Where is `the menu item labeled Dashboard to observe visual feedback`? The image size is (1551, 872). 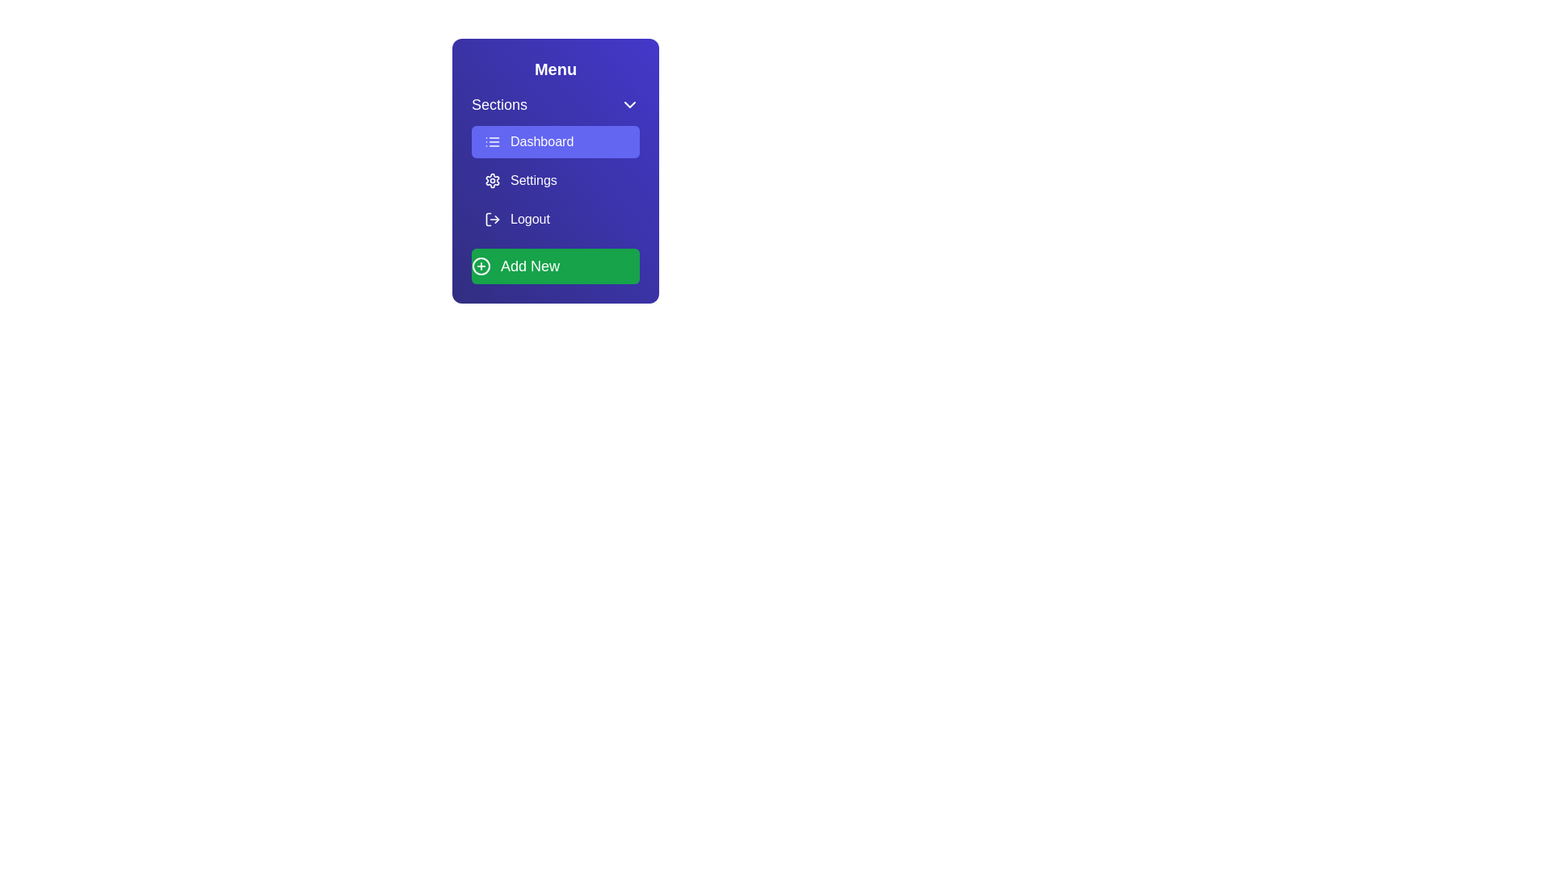 the menu item labeled Dashboard to observe visual feedback is located at coordinates (555, 141).